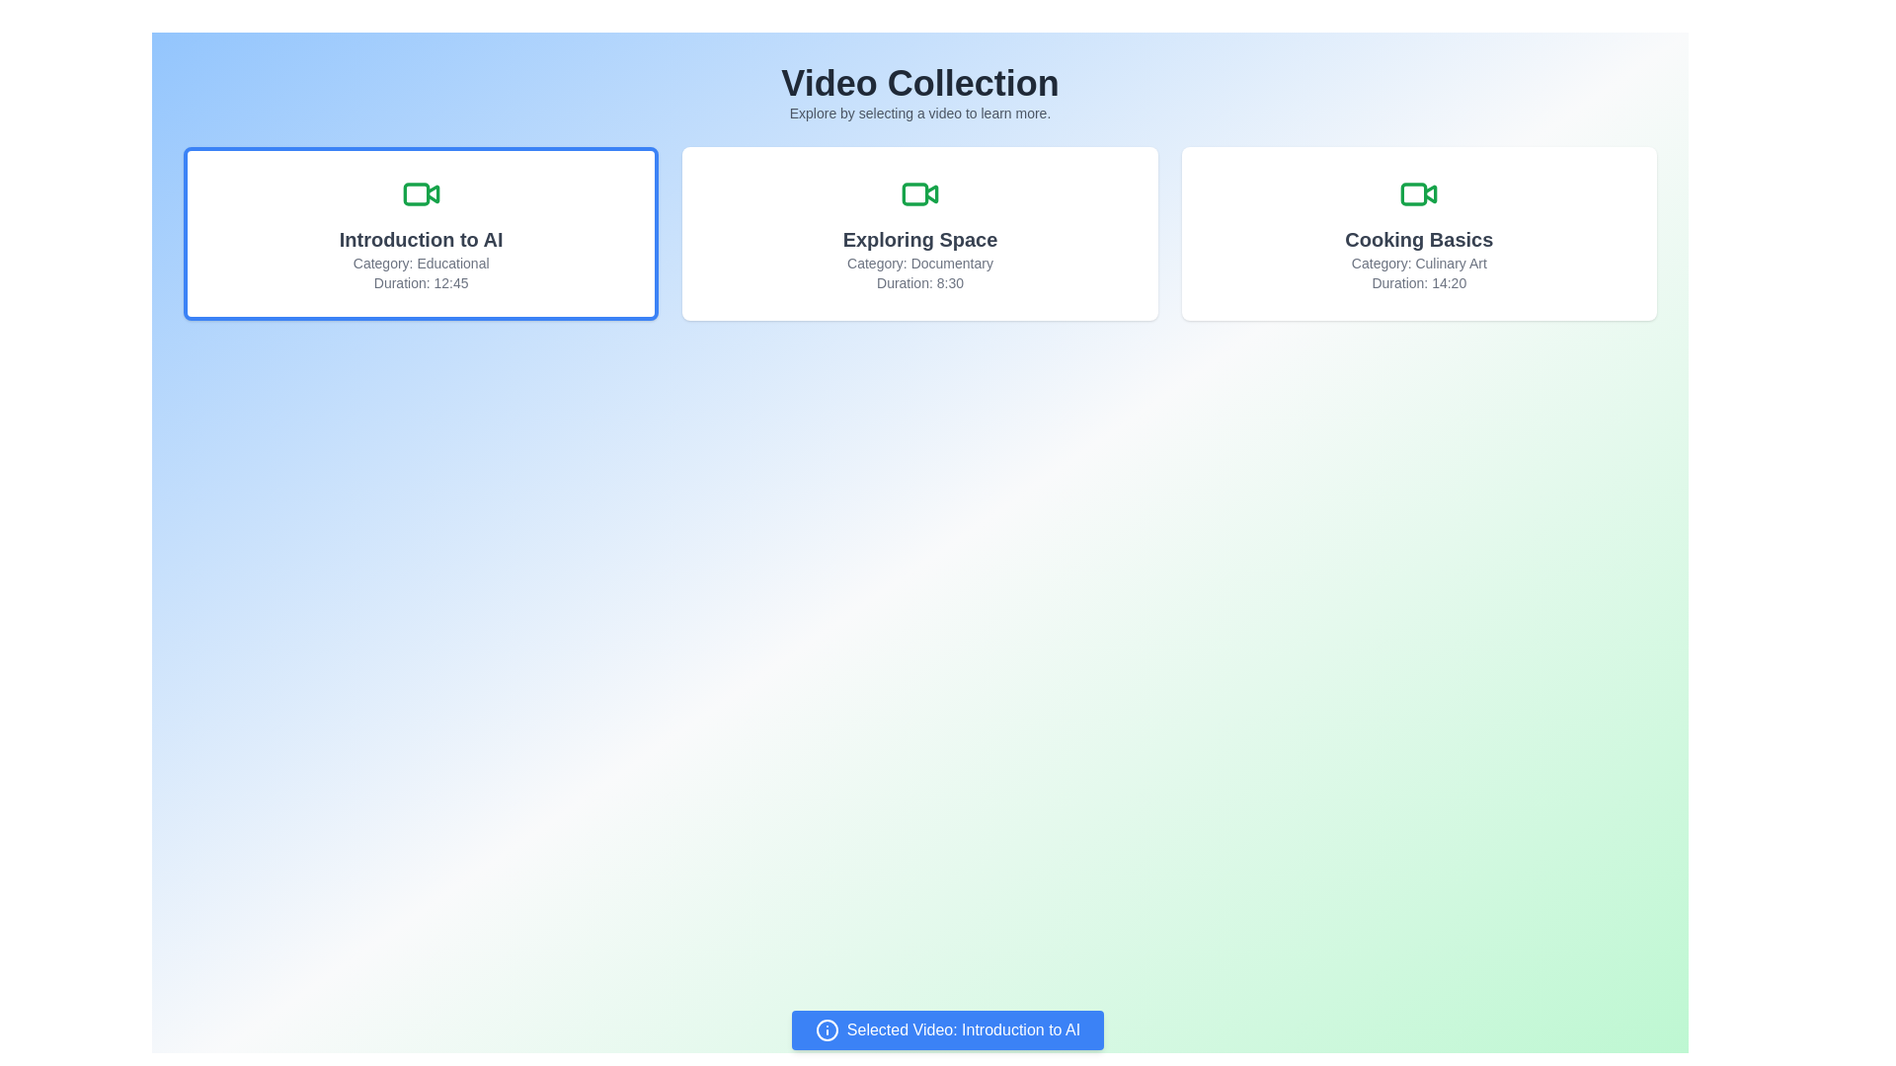 This screenshot has width=1896, height=1066. What do you see at coordinates (420, 282) in the screenshot?
I see `the text label indicating the video duration located at the bottom of the 'Introduction` at bounding box center [420, 282].